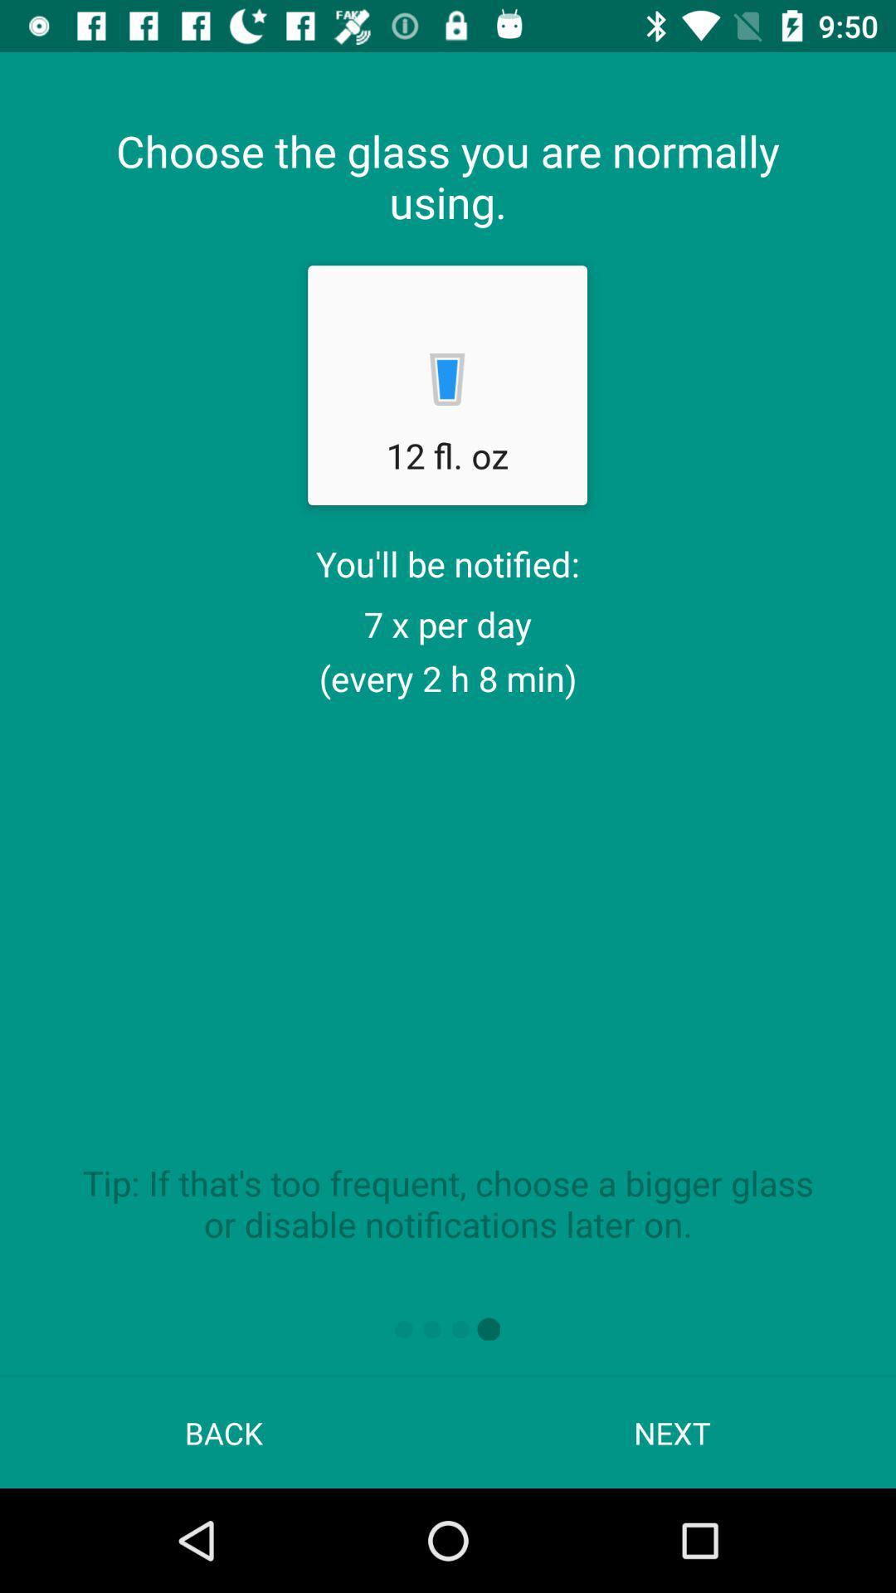 This screenshot has height=1593, width=896. Describe the element at coordinates (672, 1432) in the screenshot. I see `next item` at that location.